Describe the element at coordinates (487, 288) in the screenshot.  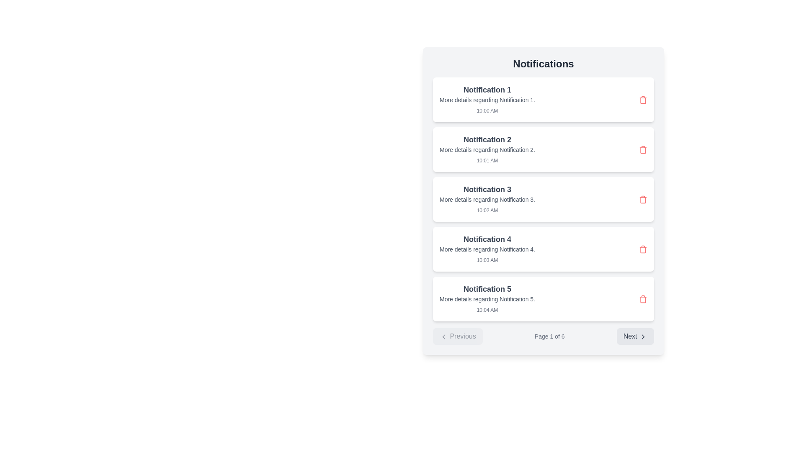
I see `text label that serves as the title for the fifth notification in the notification list` at that location.